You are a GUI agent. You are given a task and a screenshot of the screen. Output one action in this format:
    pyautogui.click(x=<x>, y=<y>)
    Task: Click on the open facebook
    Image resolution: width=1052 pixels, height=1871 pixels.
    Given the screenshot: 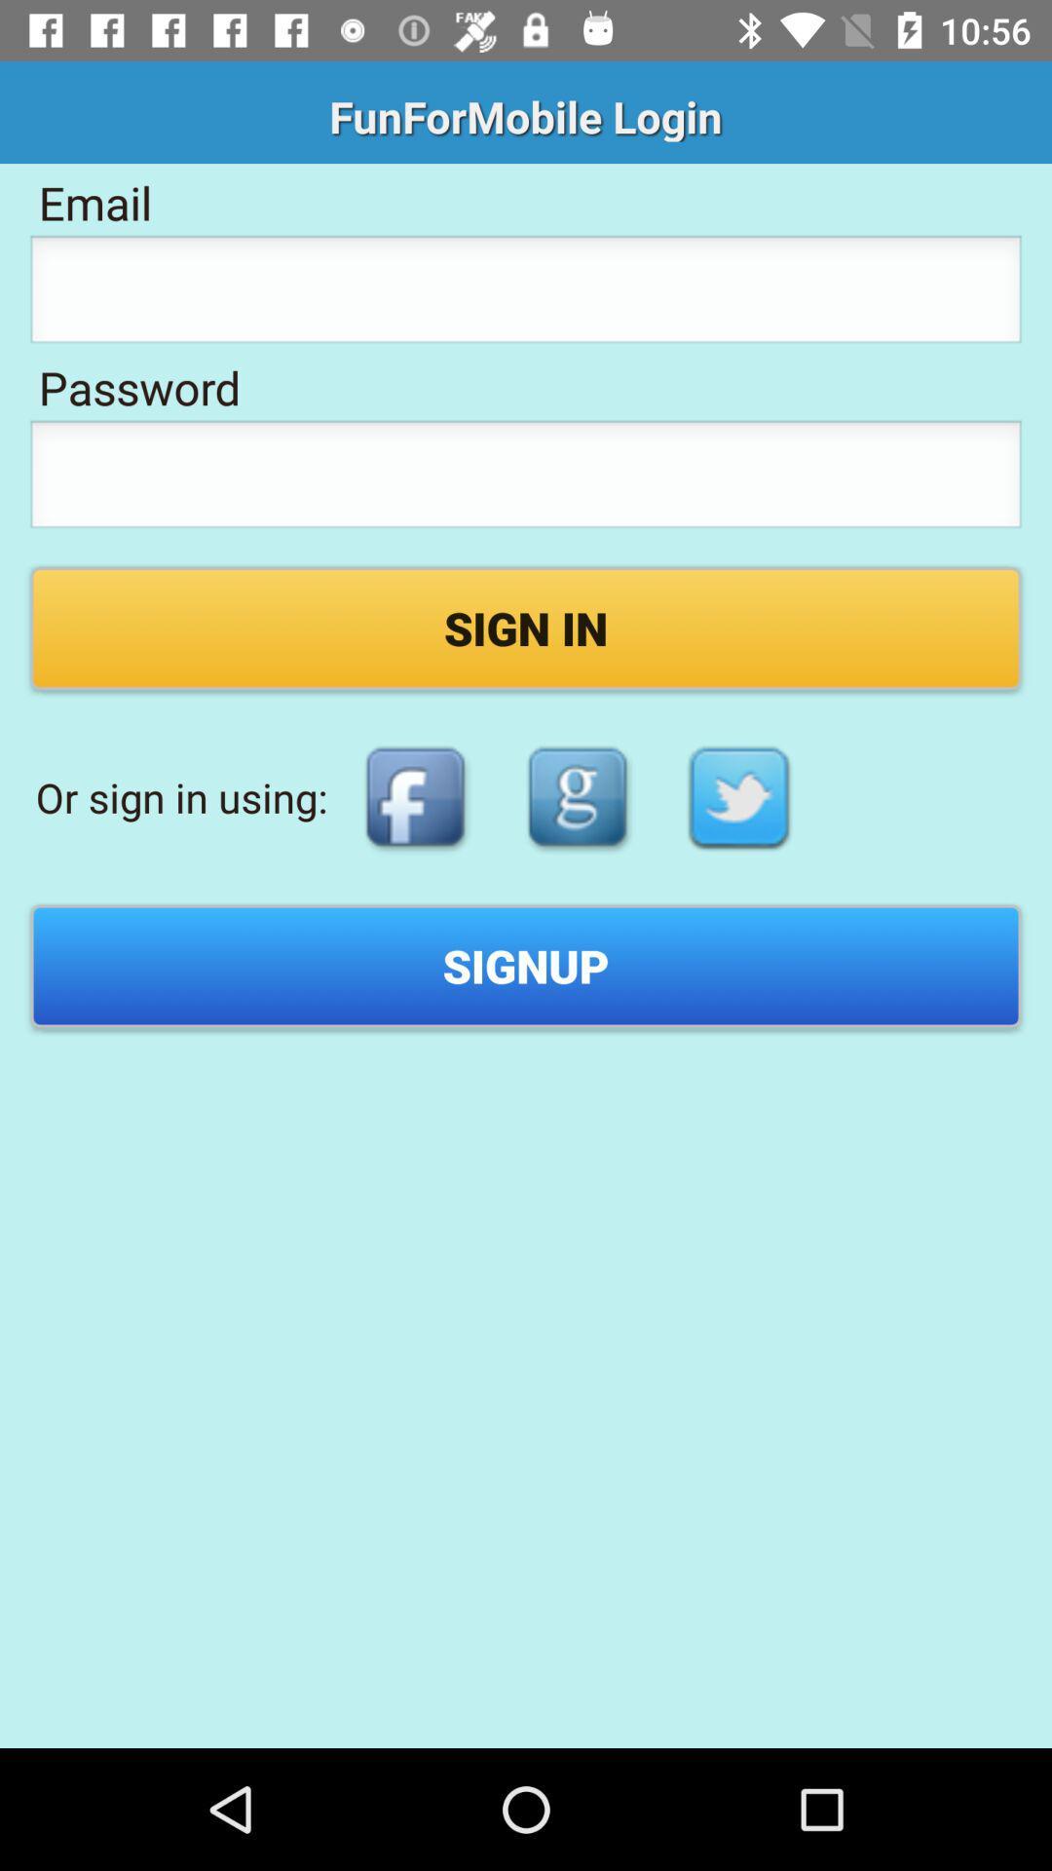 What is the action you would take?
    pyautogui.click(x=414, y=797)
    